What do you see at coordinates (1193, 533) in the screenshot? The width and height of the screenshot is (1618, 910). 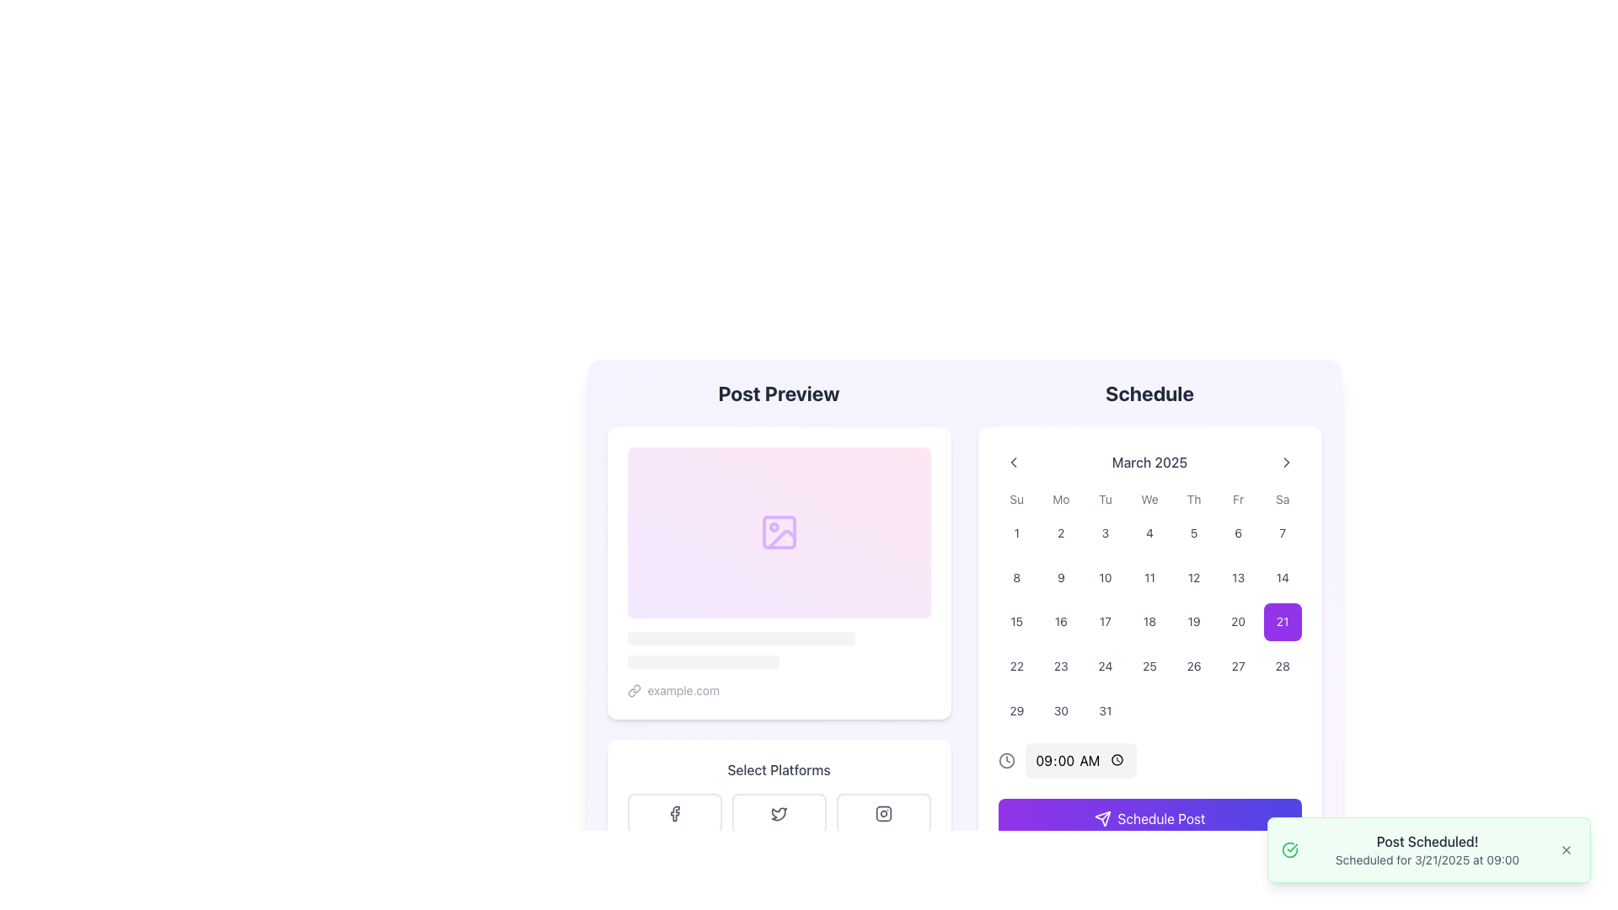 I see `the square button displaying the number '5' located in the calendar grid for March 2025` at bounding box center [1193, 533].